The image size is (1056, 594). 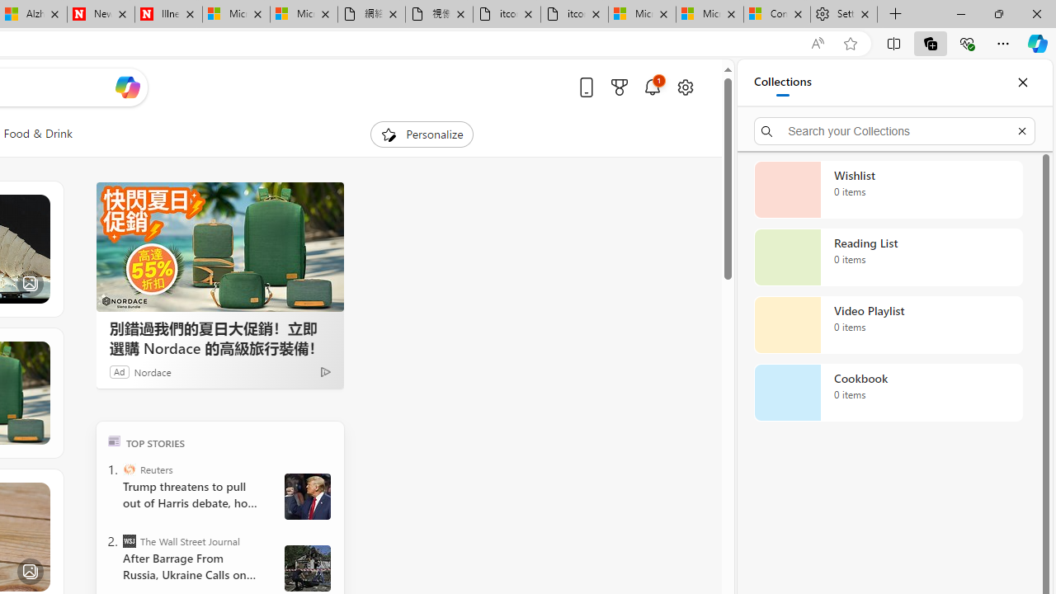 What do you see at coordinates (168, 14) in the screenshot?
I see `'Illness news & latest pictures from Newsweek.com'` at bounding box center [168, 14].